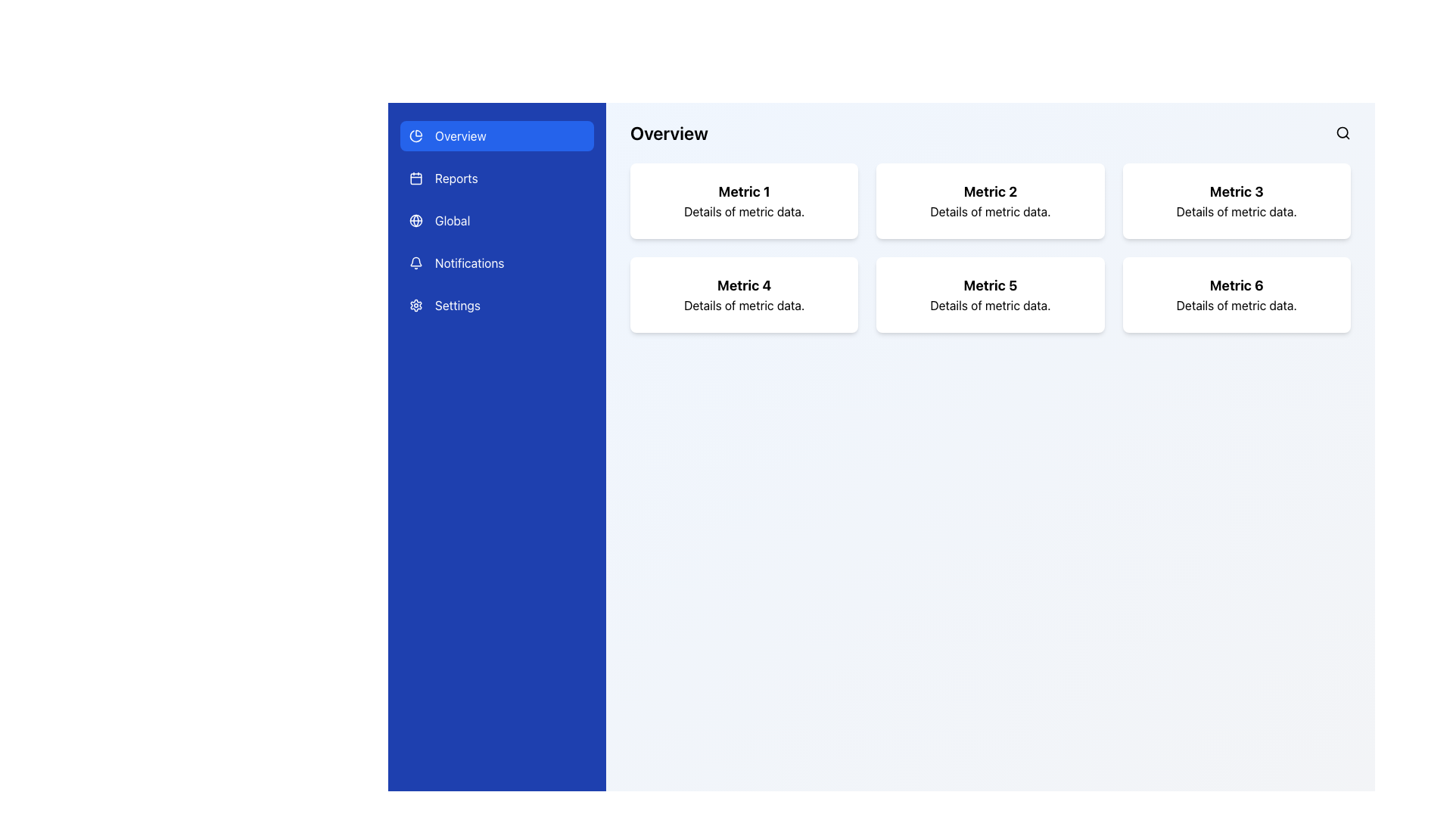 Image resolution: width=1453 pixels, height=817 pixels. I want to click on the calendar icon located in the sidebar menu, positioned next to the 'Reports' text, so click(416, 177).